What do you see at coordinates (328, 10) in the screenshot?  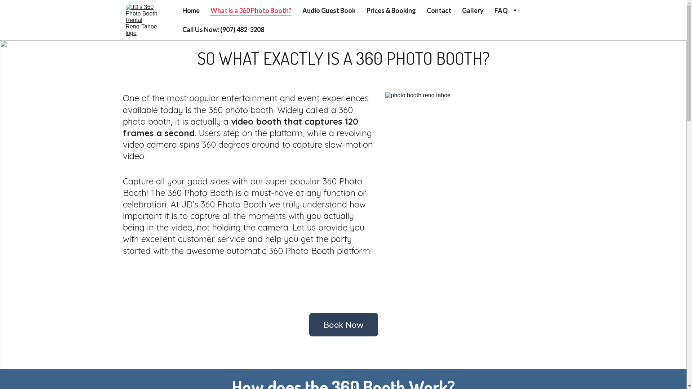 I see `'Audio Guest Book'` at bounding box center [328, 10].